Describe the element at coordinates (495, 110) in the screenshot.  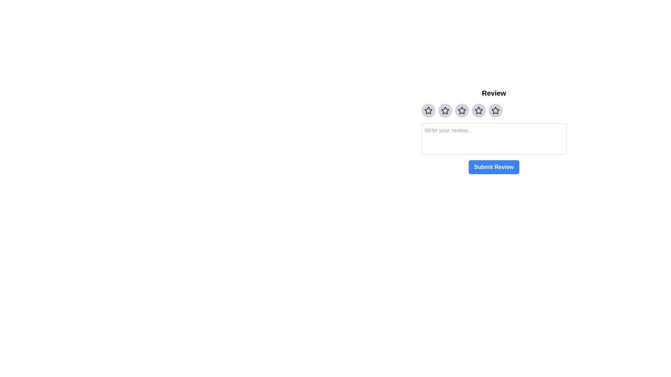
I see `the fifth star icon in the rating system` at that location.